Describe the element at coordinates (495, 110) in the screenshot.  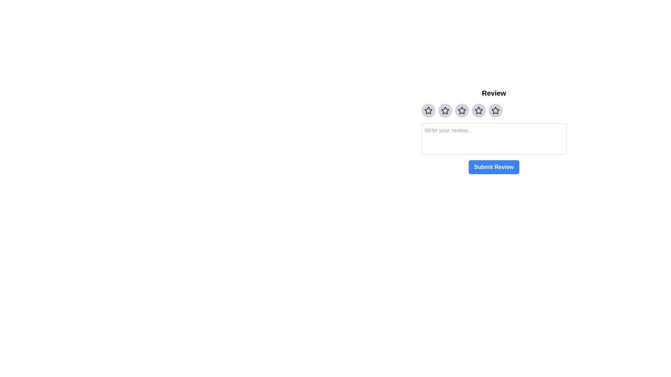
I see `the fifth star icon in the rating system` at that location.